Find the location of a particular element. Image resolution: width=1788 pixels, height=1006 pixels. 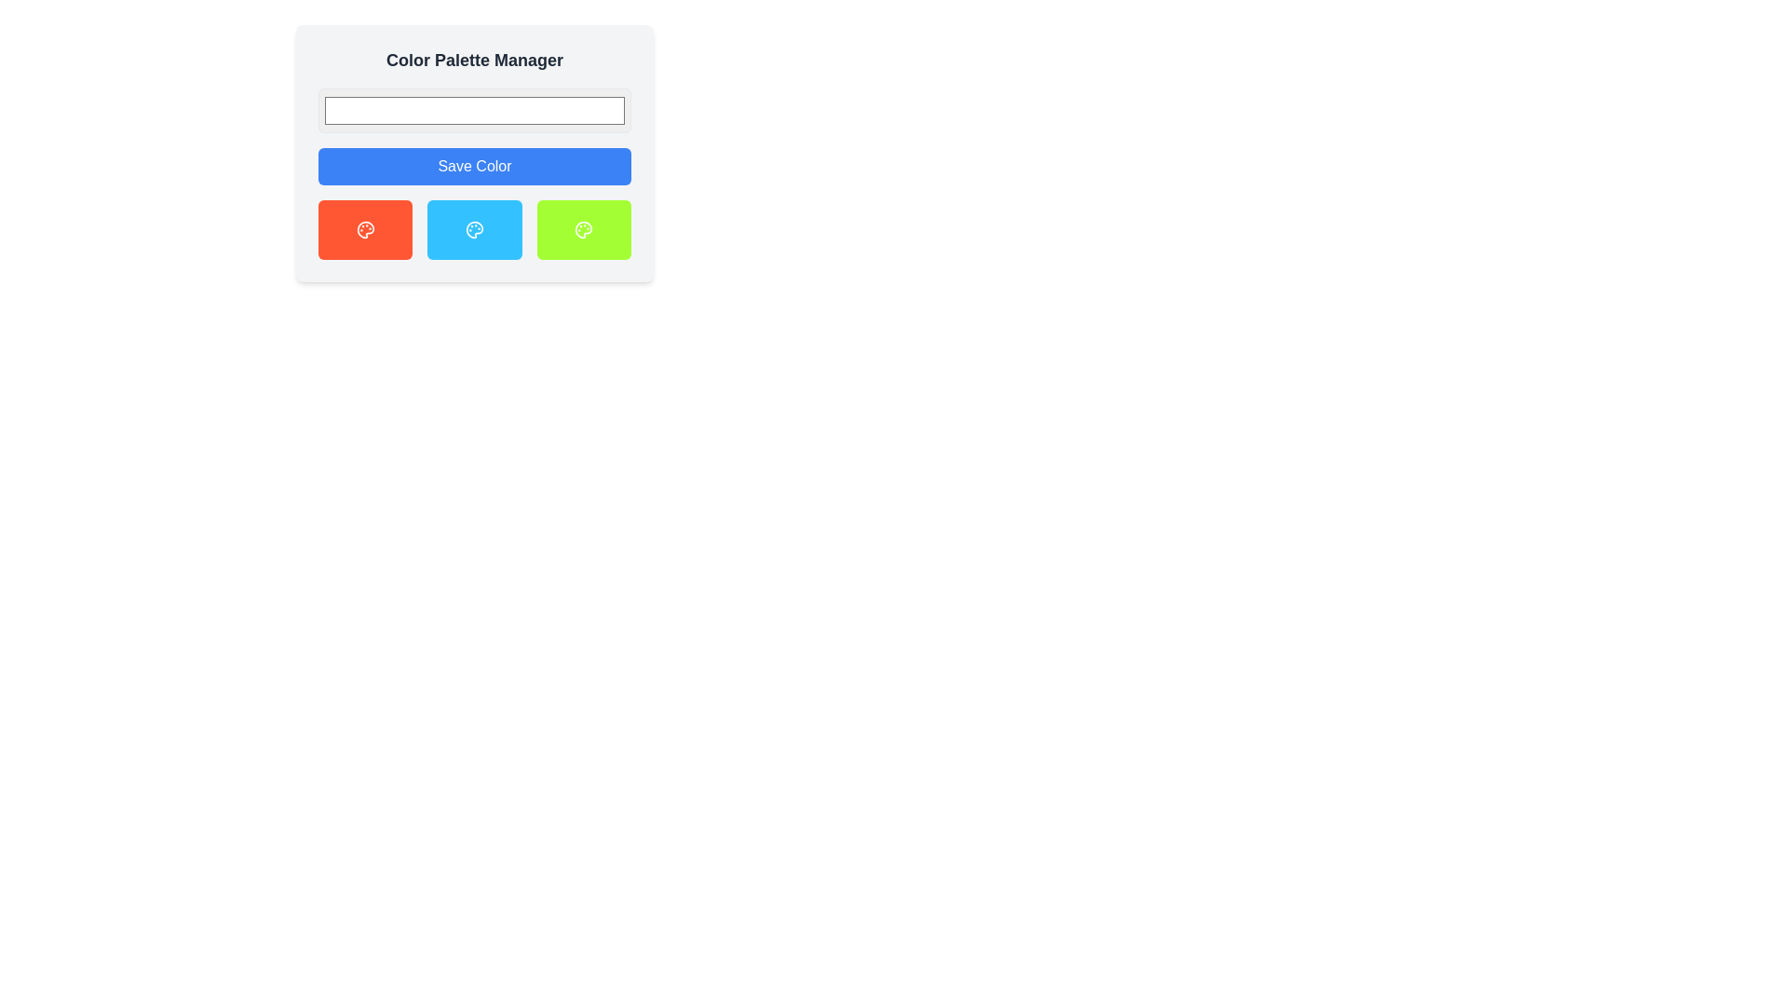

the button in the 'Color Palette Manager' section is located at coordinates (474, 165).